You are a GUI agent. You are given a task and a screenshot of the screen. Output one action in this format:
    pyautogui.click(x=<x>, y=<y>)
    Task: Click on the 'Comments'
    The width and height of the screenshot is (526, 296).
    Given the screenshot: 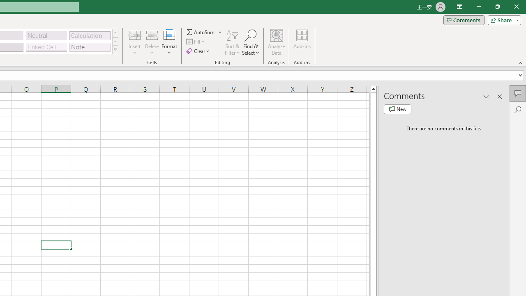 What is the action you would take?
    pyautogui.click(x=464, y=19)
    